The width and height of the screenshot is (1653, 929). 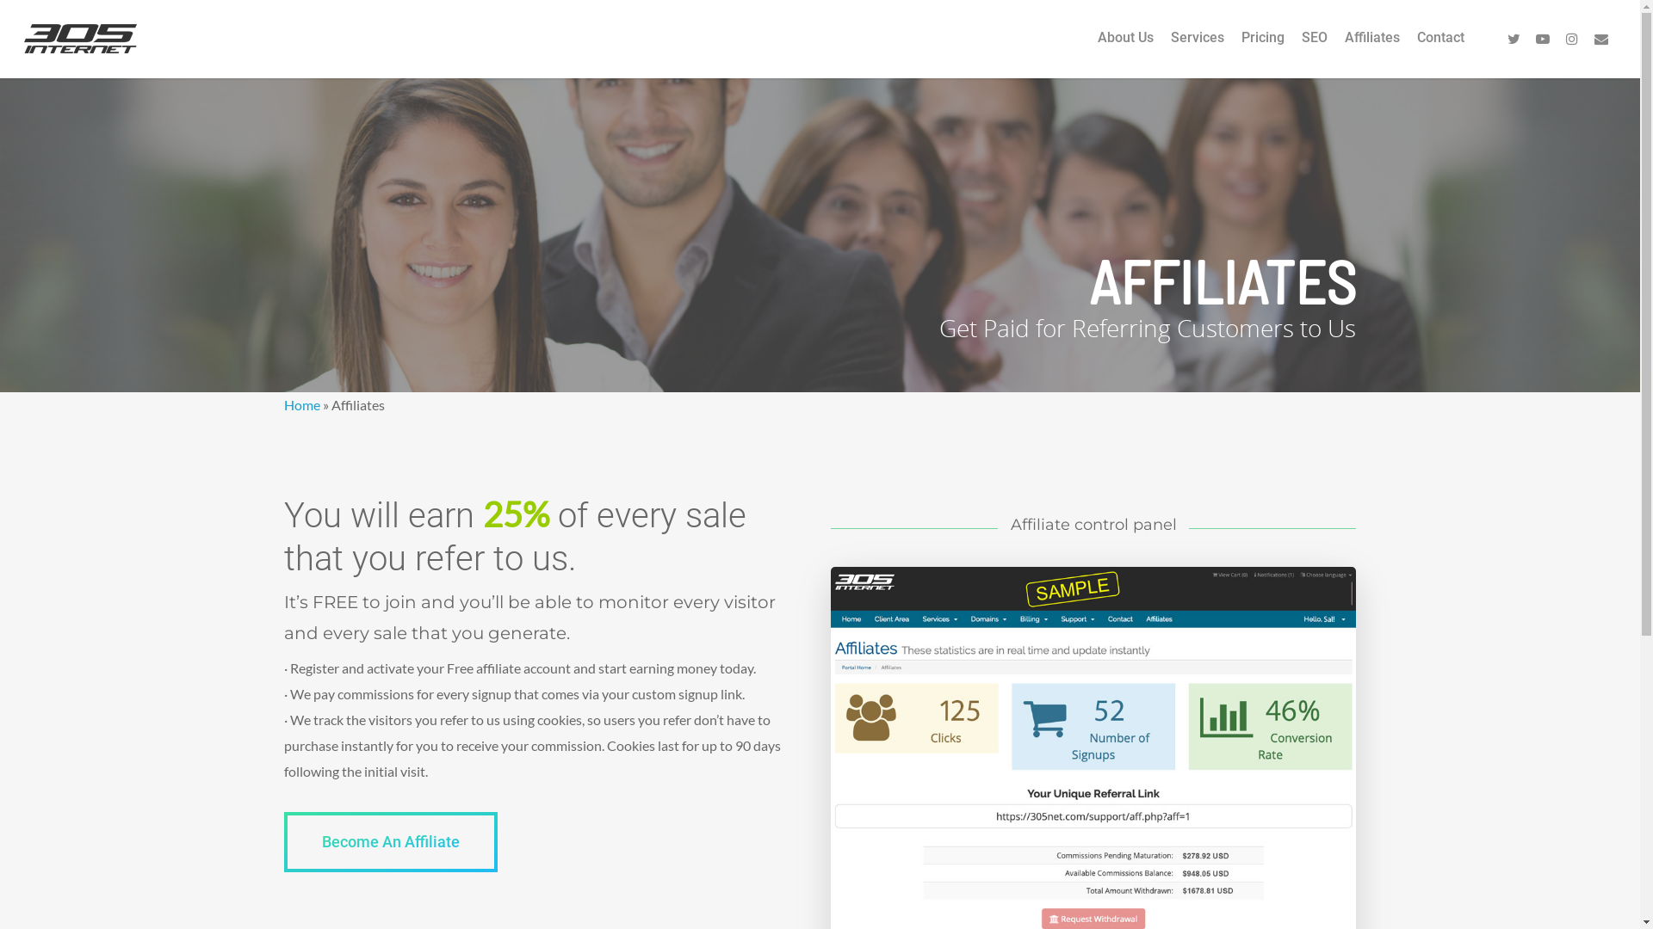 I want to click on 'Become An Affiliate', so click(x=390, y=841).